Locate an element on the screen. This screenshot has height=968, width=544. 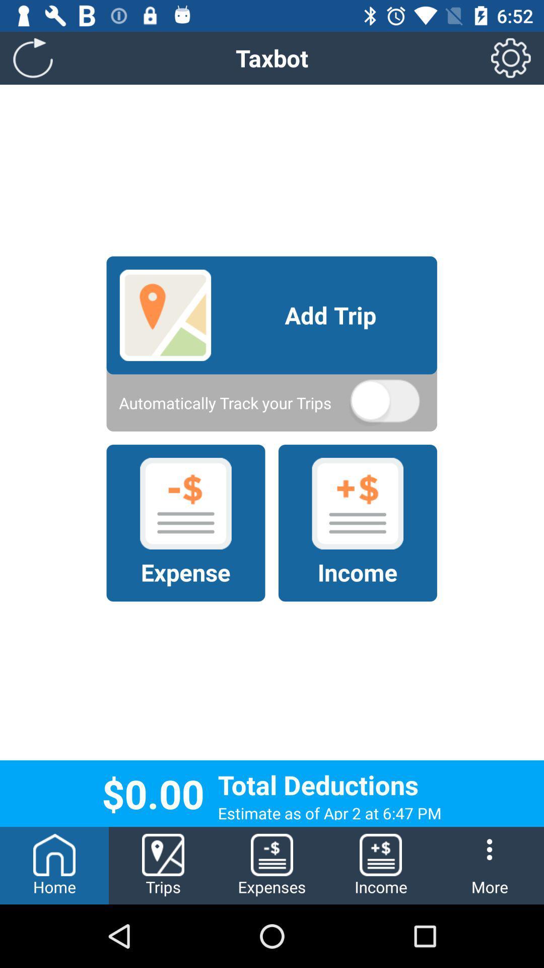
the item to the left of the income is located at coordinates (272, 865).